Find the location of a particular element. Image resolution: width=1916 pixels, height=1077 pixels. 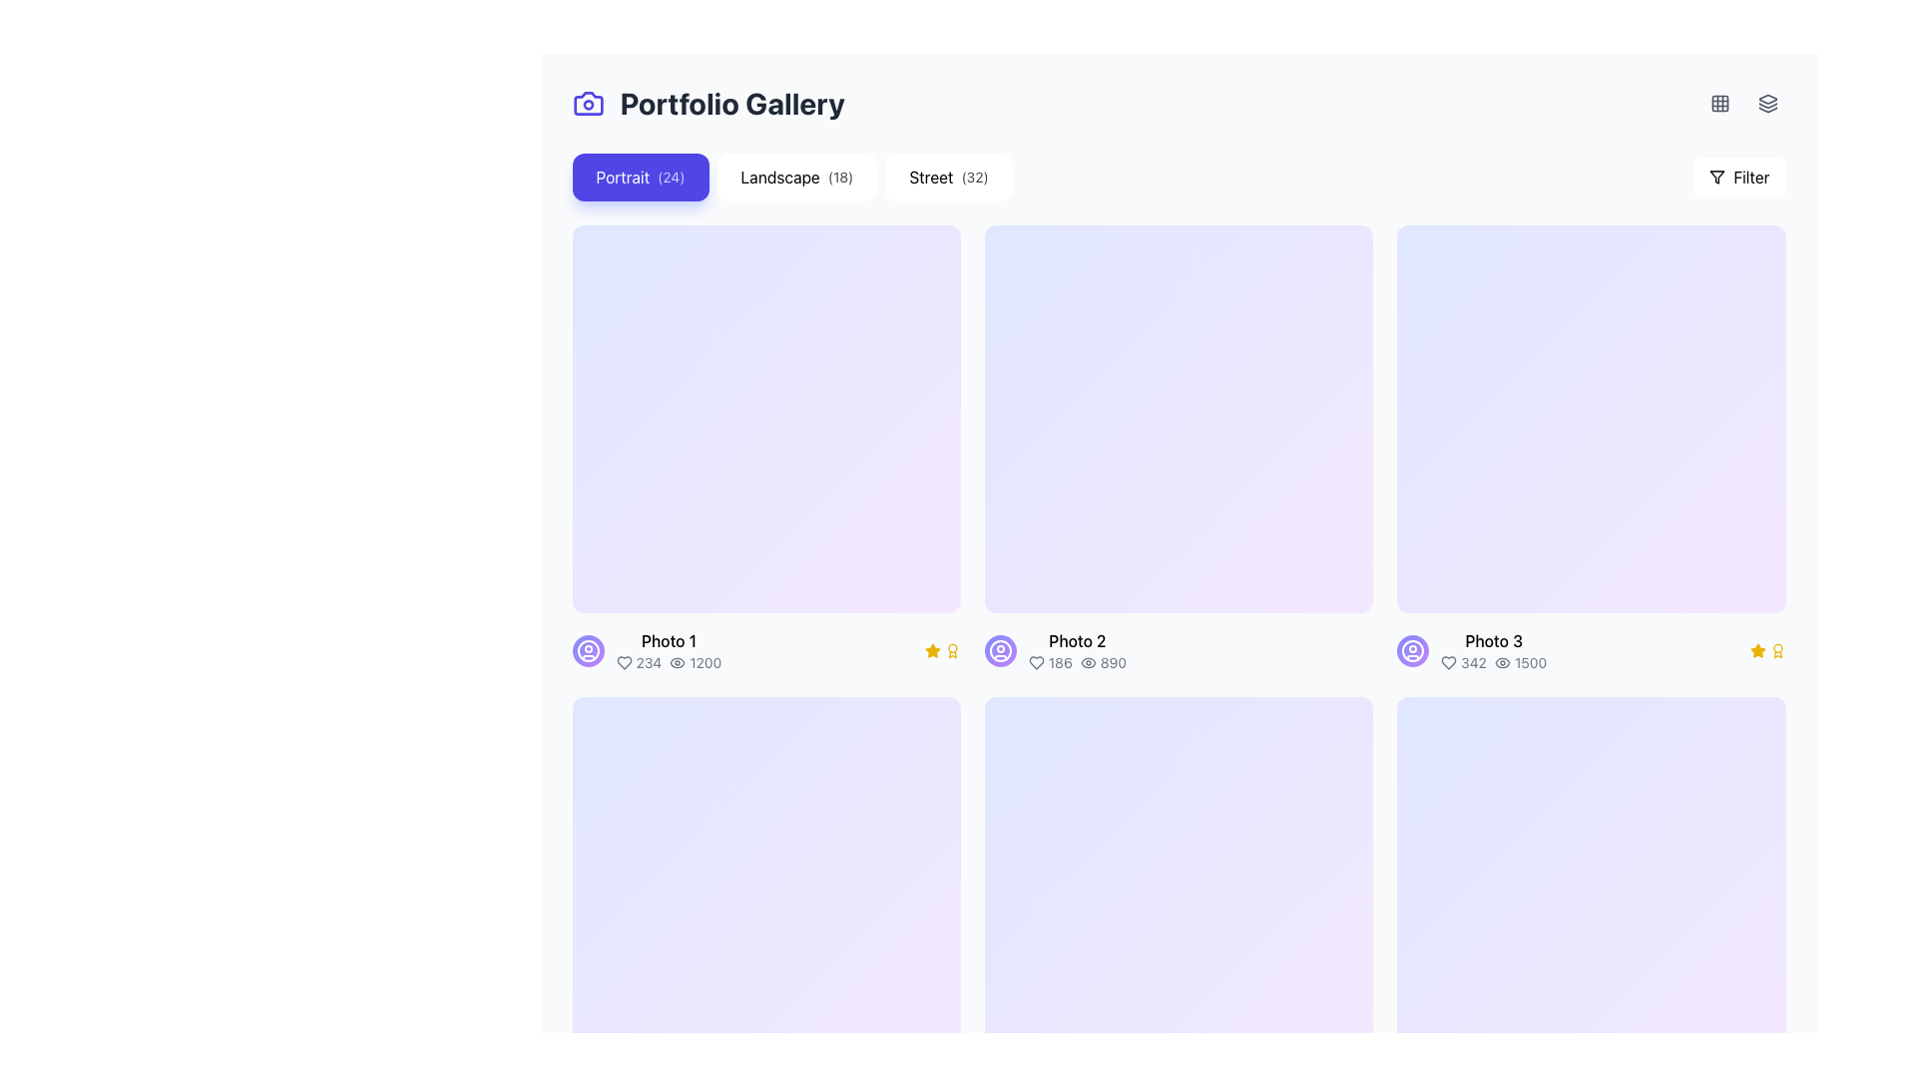

the decorative camera body icon located to the left of the 'Portfolio Gallery' title at the top of the application is located at coordinates (587, 104).